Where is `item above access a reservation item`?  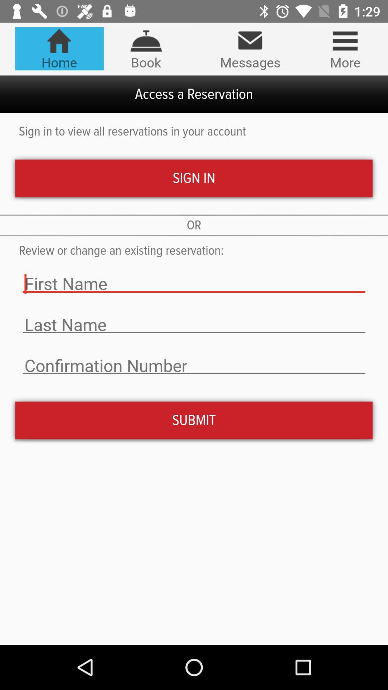 item above access a reservation item is located at coordinates (250, 49).